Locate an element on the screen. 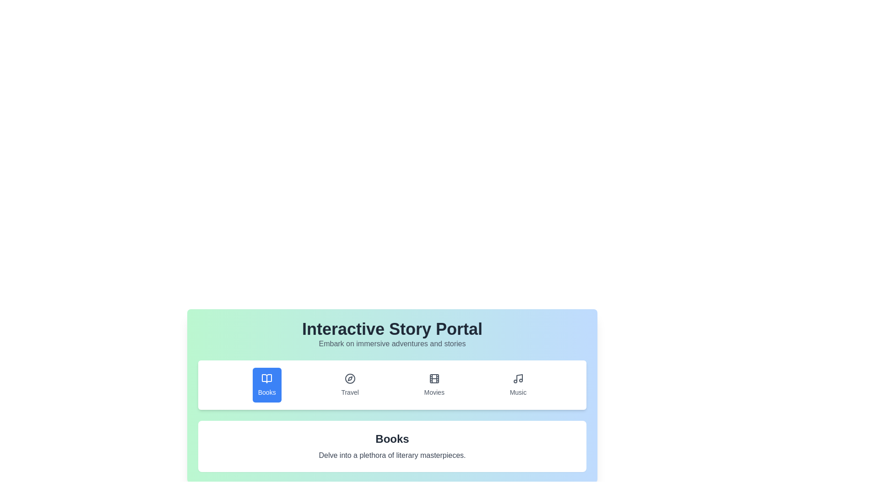 The image size is (879, 494). text label located directly below the compass icon in the navigation button, which is positioned between the 'Books' and 'Movies' buttons in the horizontal menu bar is located at coordinates (349, 392).